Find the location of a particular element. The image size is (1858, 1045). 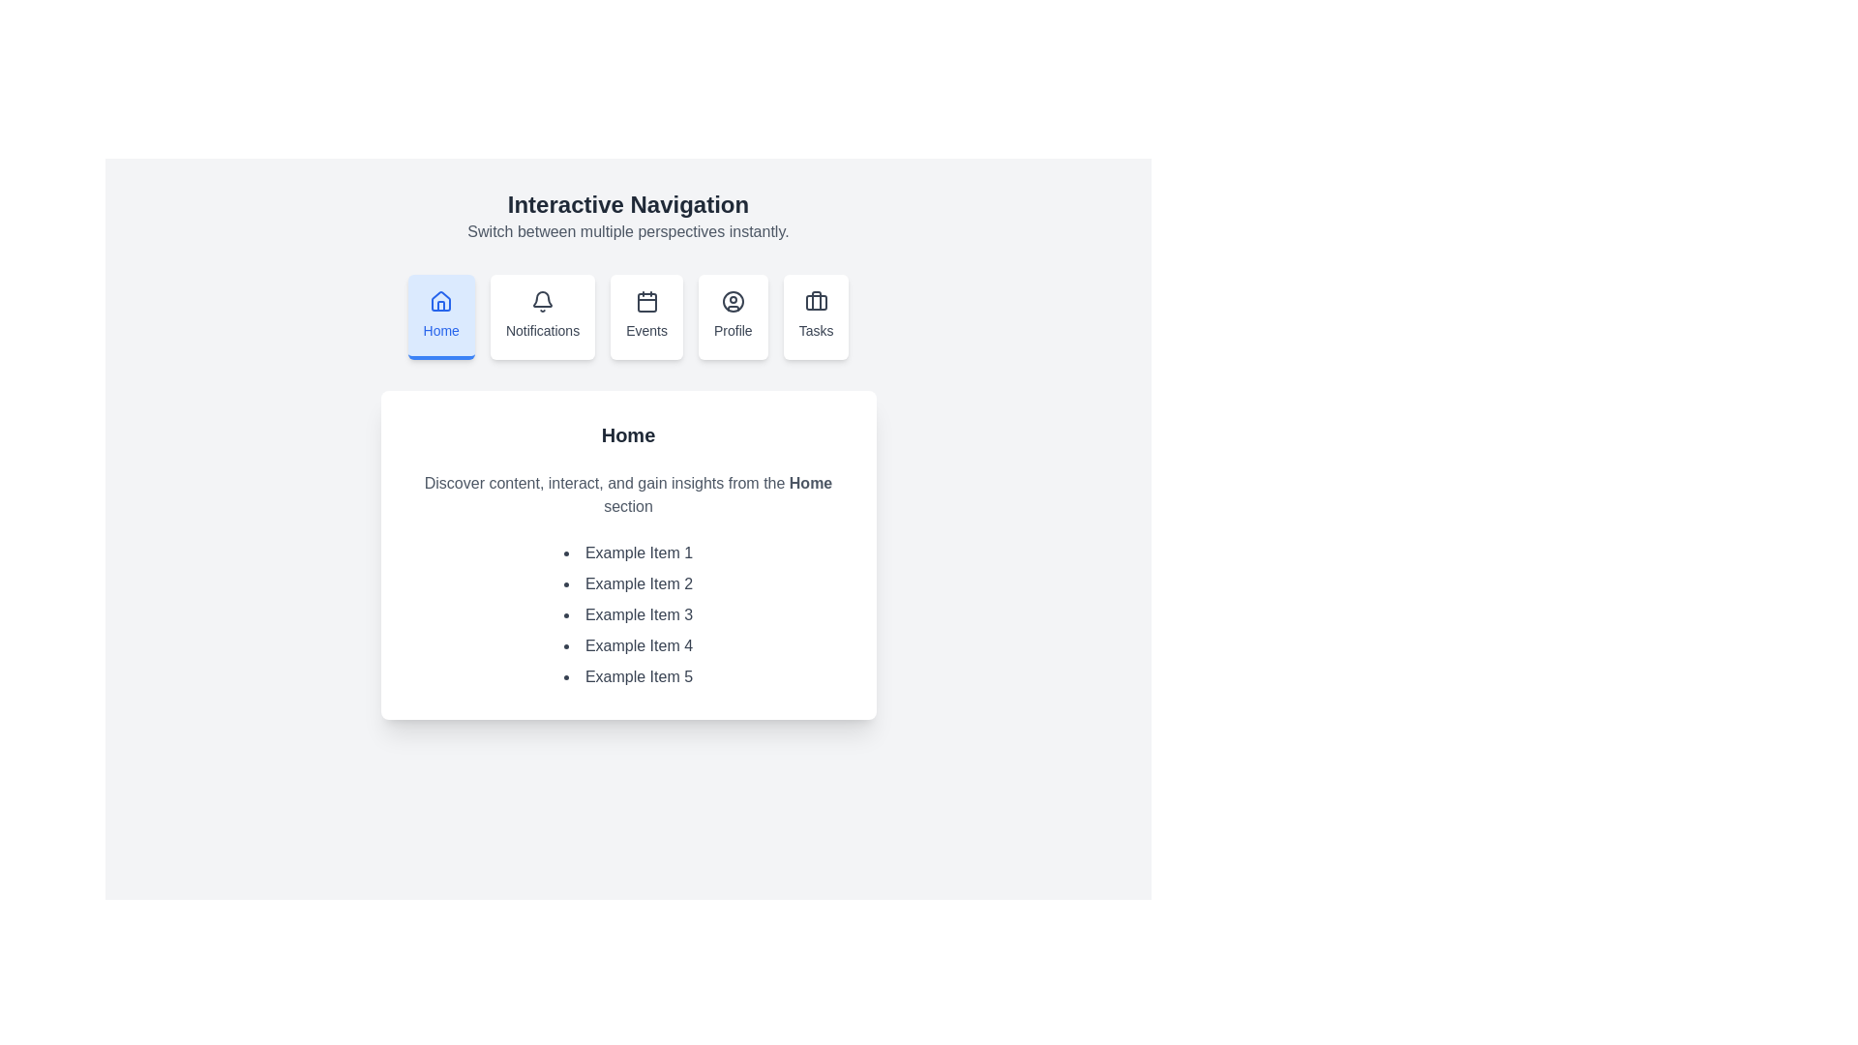

the Icon component frame that represents the 'Events' feature, positioned centrally within the 'Events' button in the navigation interface is located at coordinates (646, 302).